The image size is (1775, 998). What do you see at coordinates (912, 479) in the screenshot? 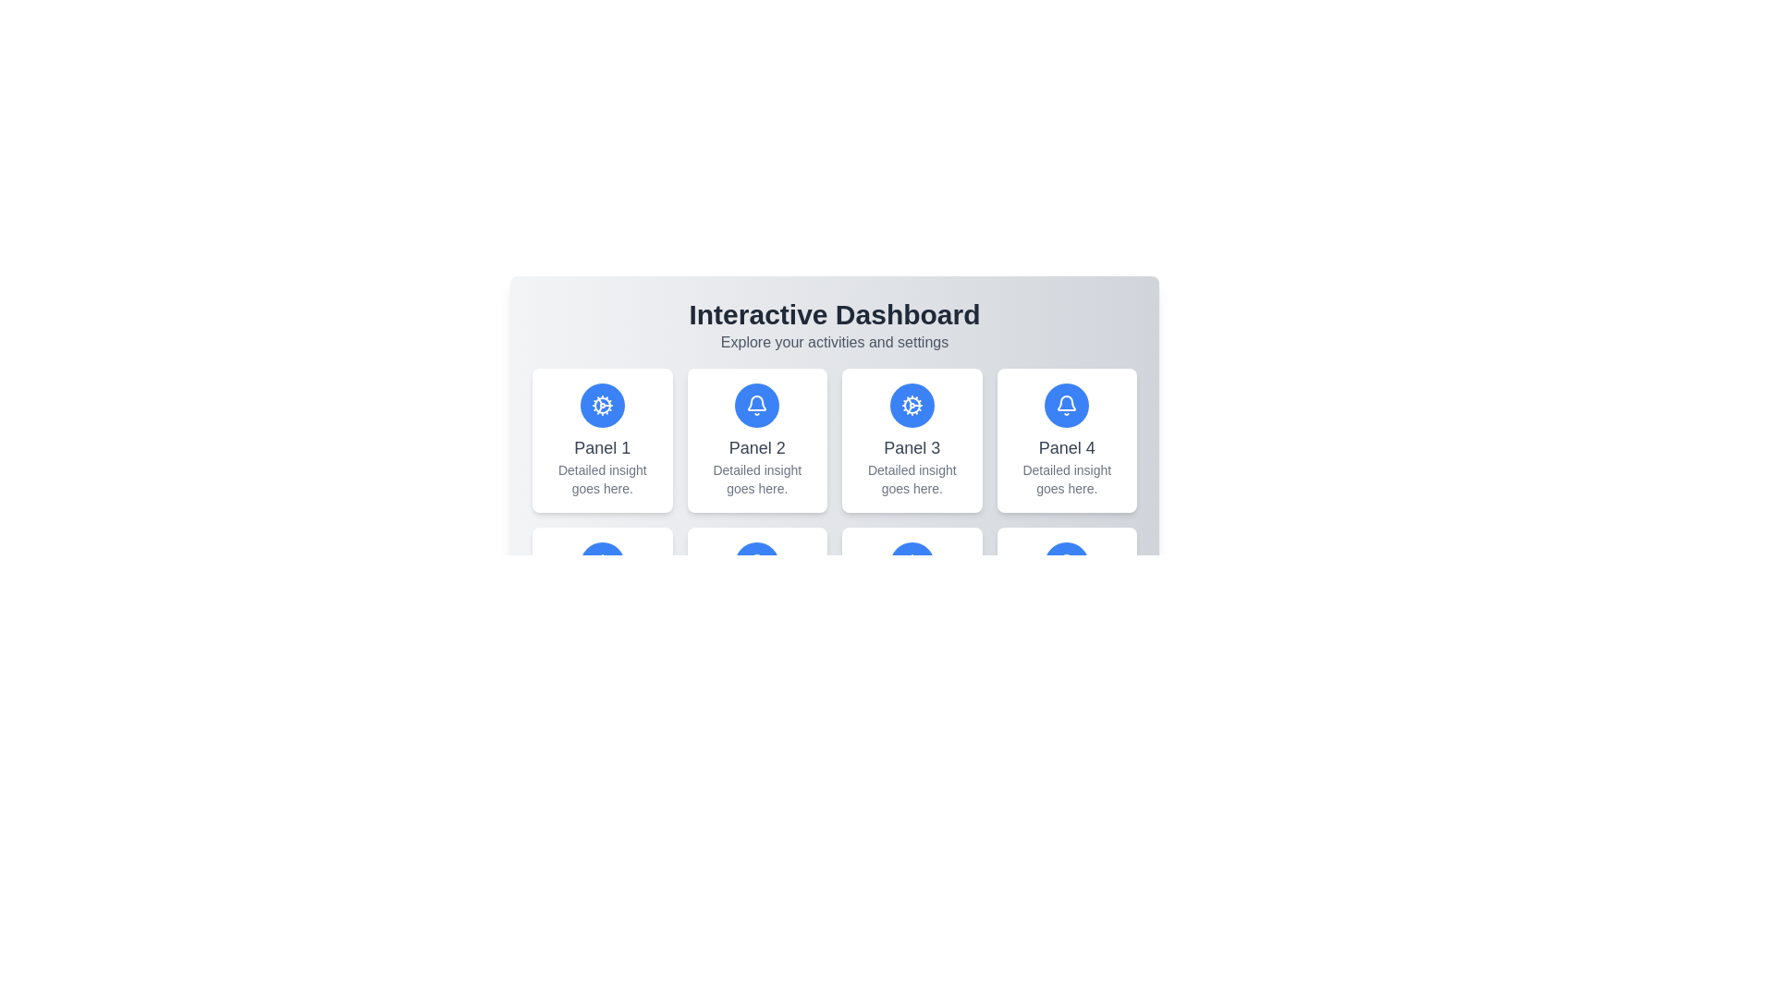
I see `the text block containing the phrase 'Detailed insight goes here.' located within 'Panel 3' on the dashboard layout` at bounding box center [912, 479].